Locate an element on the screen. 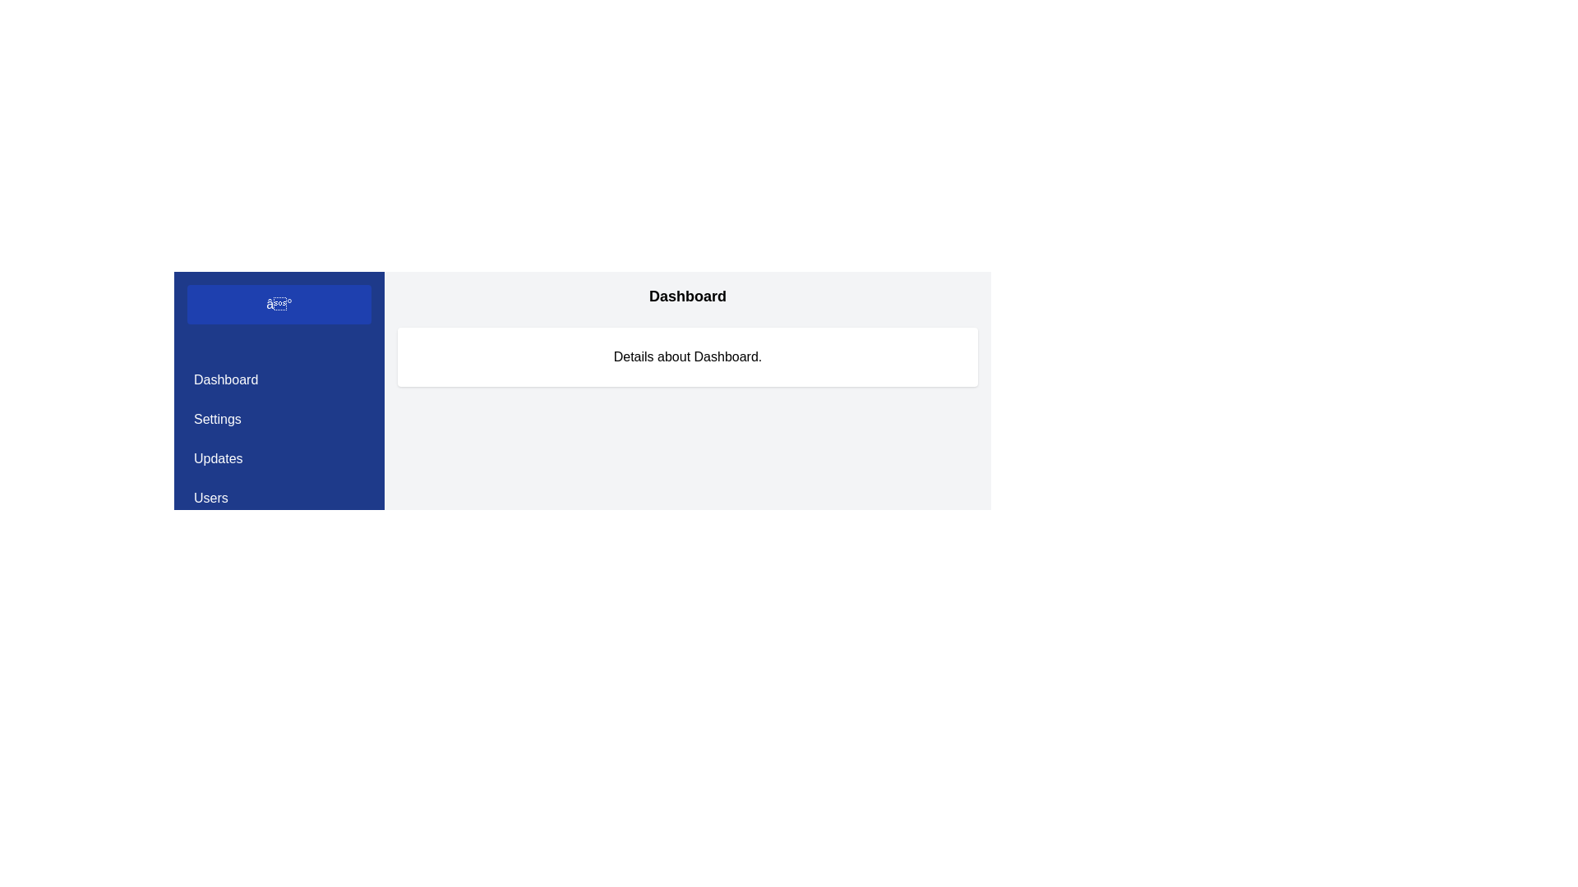 This screenshot has width=1578, height=887. the 'Settings' button in the vertical sidebar menu is located at coordinates (279, 418).